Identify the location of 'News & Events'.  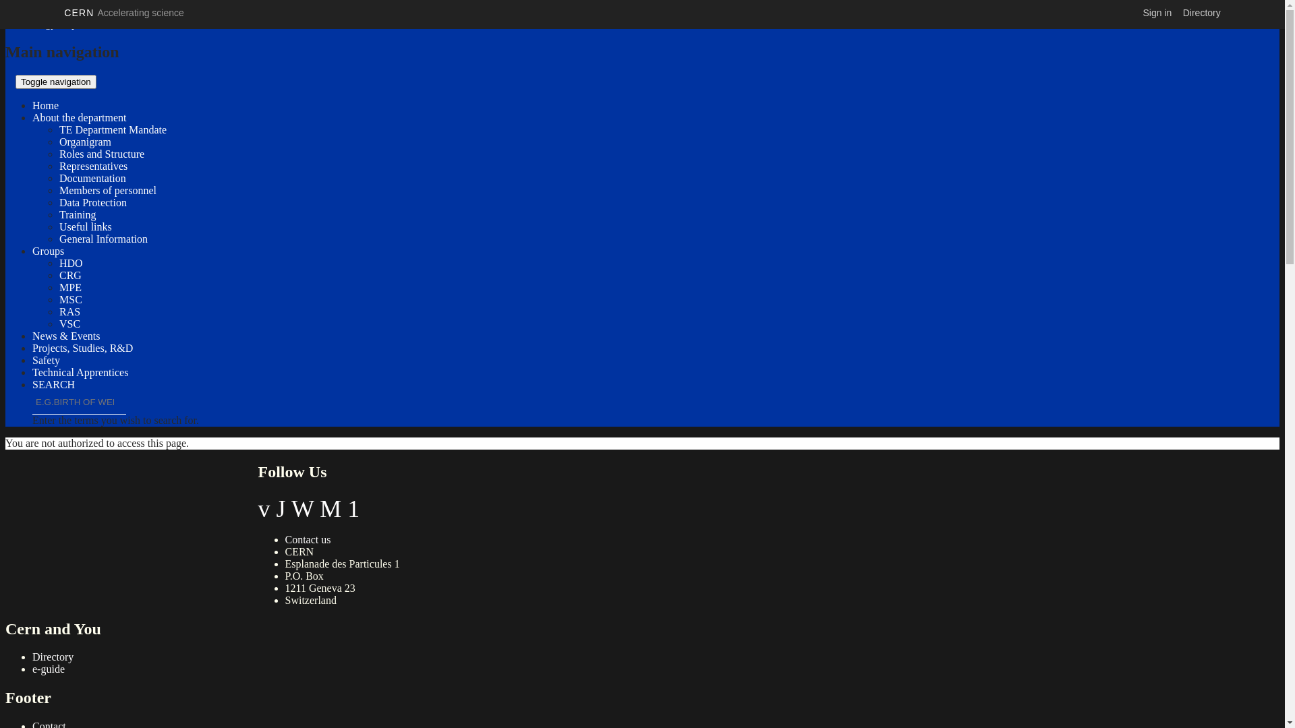
(65, 335).